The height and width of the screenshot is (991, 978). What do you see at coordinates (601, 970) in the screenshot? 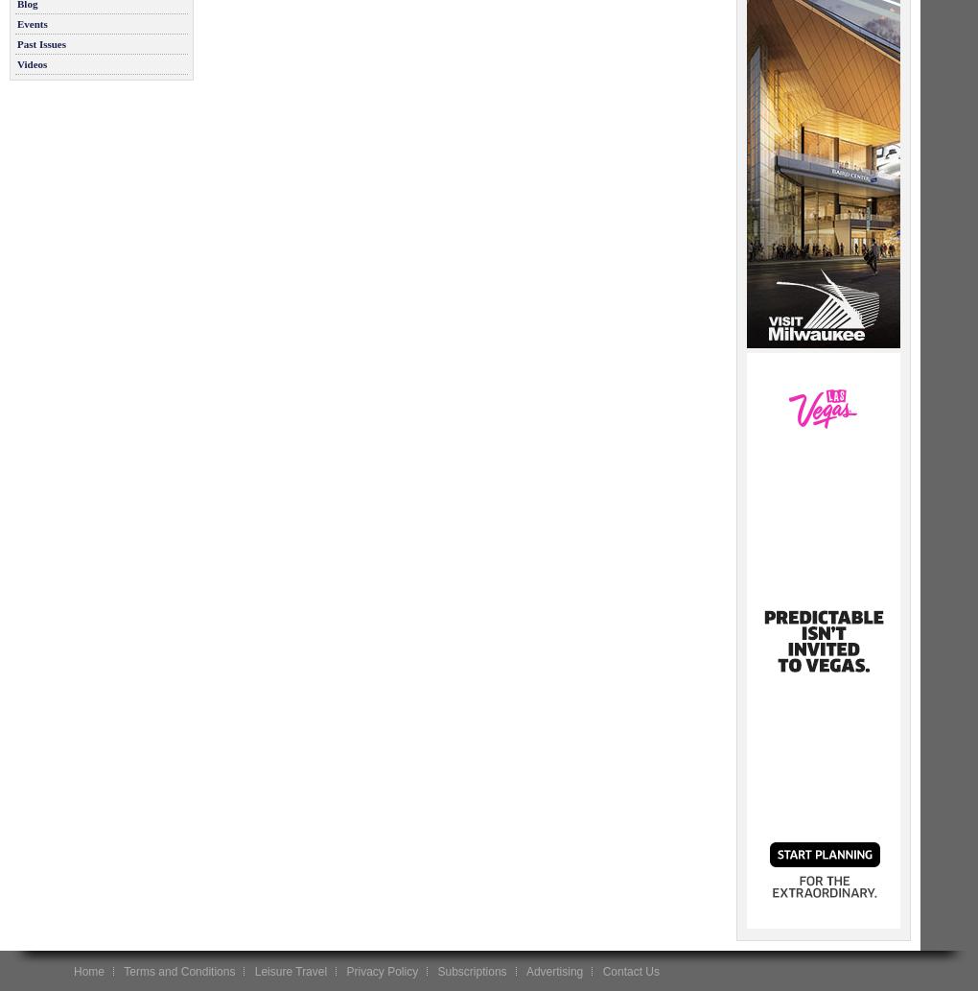
I see `'Contact Us'` at bounding box center [601, 970].